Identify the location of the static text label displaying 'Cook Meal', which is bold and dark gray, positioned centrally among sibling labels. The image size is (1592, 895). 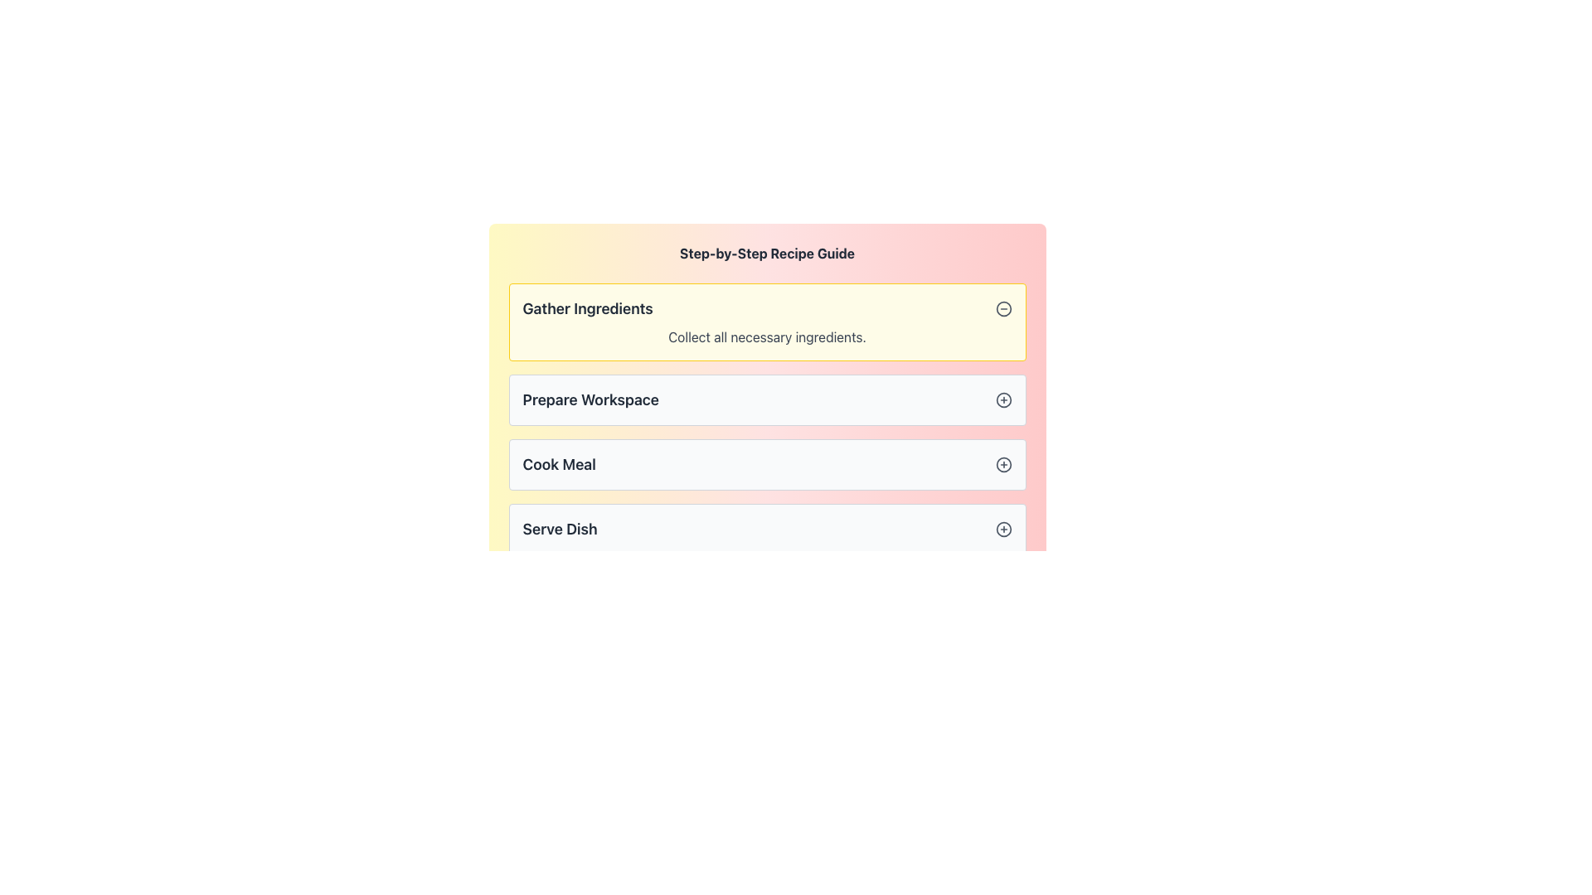
(559, 464).